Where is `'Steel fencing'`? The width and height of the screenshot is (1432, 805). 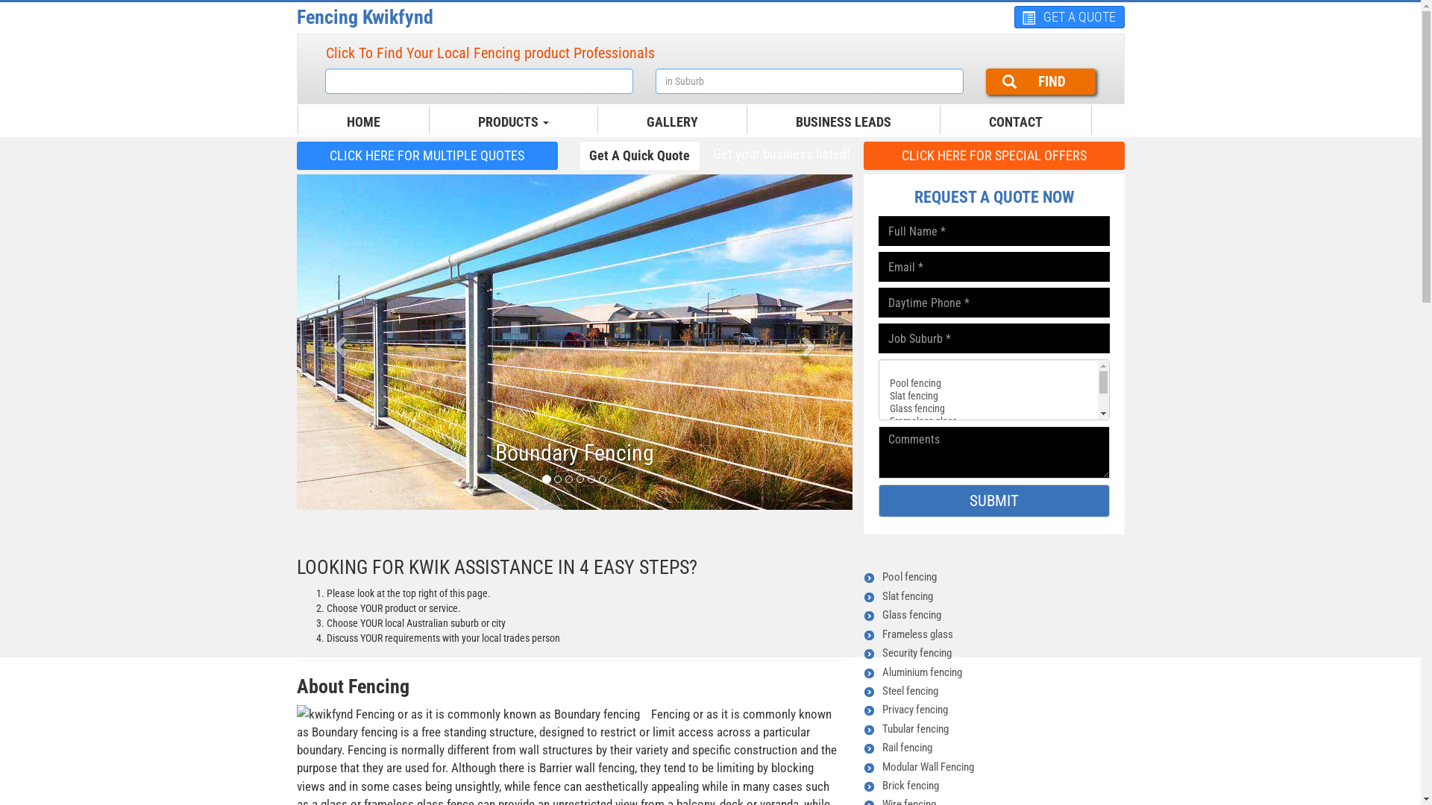 'Steel fencing' is located at coordinates (908, 690).